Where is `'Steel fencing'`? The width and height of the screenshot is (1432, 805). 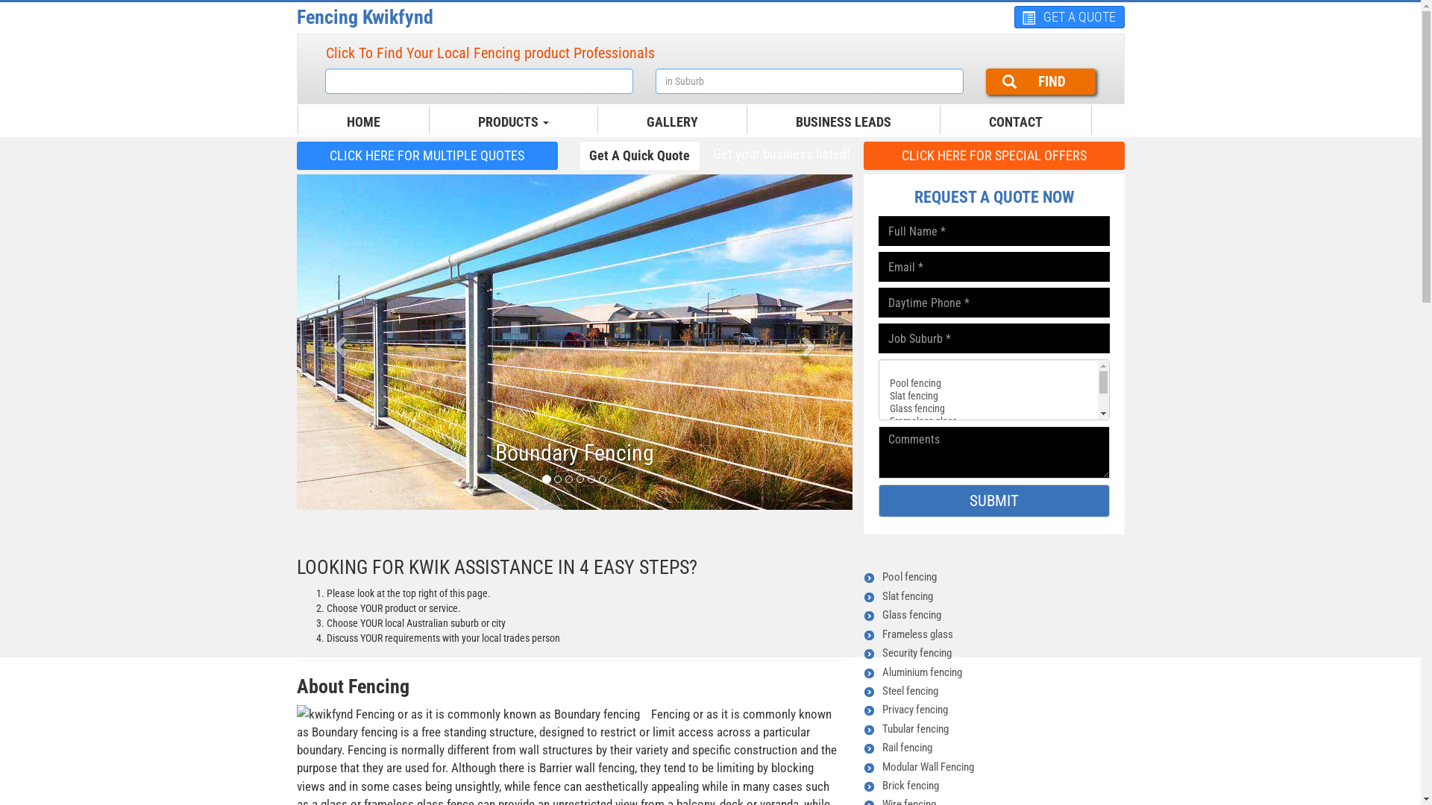 'Steel fencing' is located at coordinates (908, 690).